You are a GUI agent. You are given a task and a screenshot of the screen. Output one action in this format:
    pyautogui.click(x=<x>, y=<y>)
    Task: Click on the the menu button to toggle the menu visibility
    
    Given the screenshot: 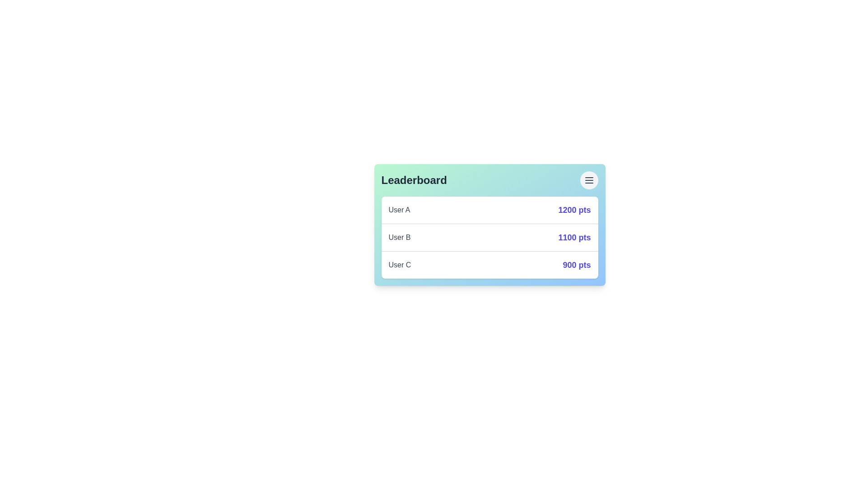 What is the action you would take?
    pyautogui.click(x=589, y=180)
    